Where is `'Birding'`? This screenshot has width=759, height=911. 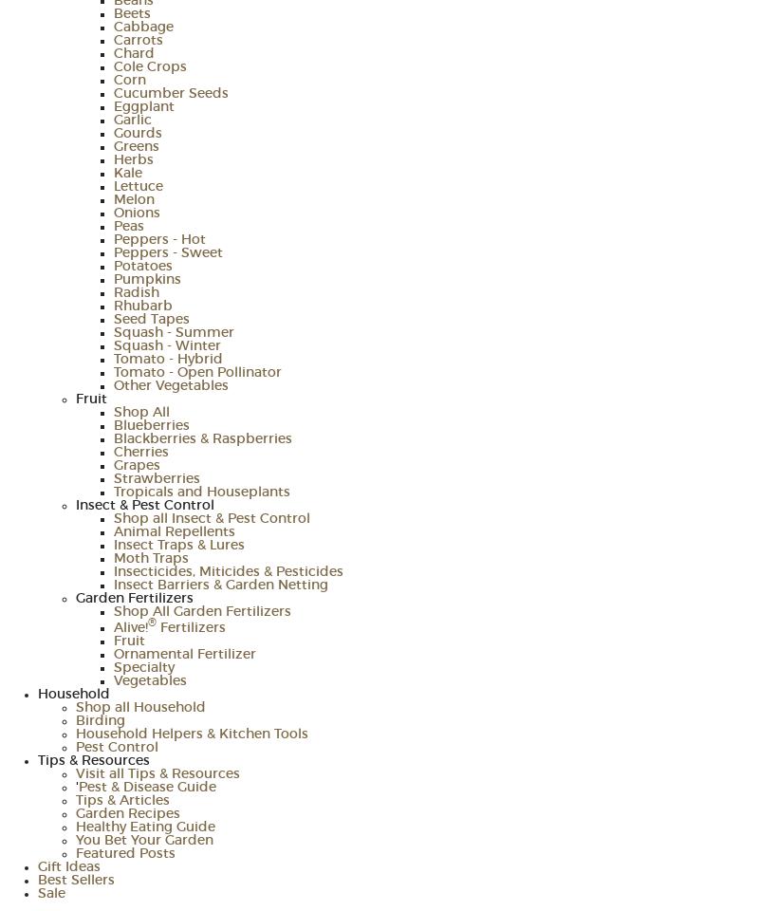
'Birding' is located at coordinates (100, 720).